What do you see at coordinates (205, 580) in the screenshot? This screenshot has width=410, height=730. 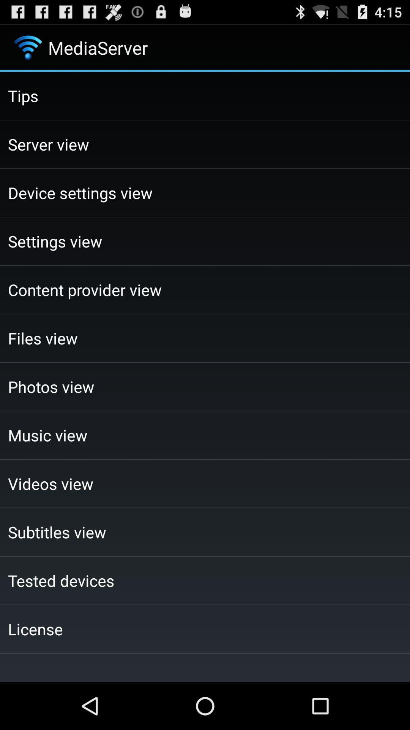 I see `item above license item` at bounding box center [205, 580].